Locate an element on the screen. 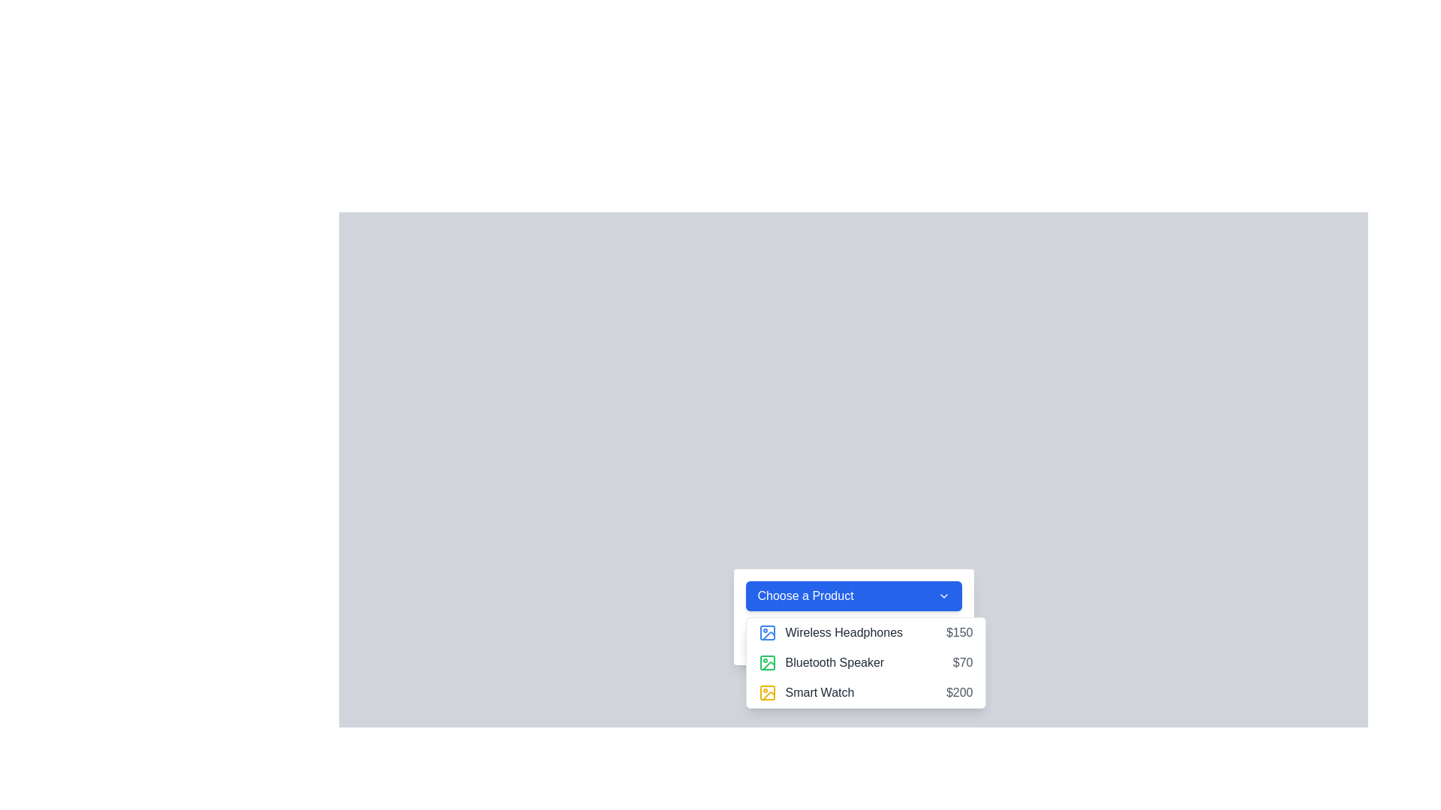 Image resolution: width=1441 pixels, height=810 pixels. the 'Bluetooth Speaker' option in the product selection dropdown list is located at coordinates (820, 661).